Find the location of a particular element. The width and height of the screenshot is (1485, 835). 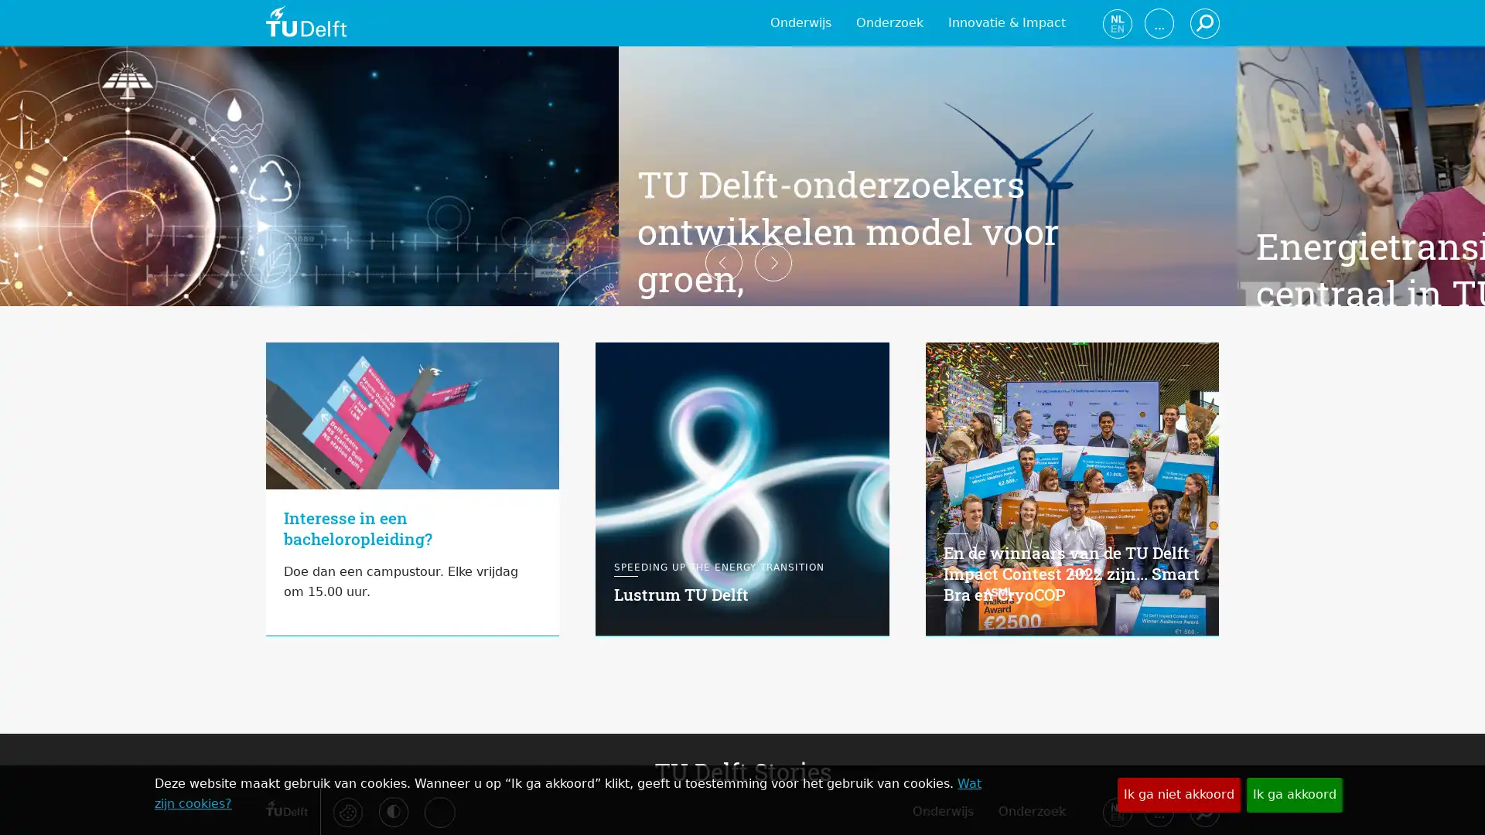

Luister met de ReachDeck-werkbalk is located at coordinates (438, 811).